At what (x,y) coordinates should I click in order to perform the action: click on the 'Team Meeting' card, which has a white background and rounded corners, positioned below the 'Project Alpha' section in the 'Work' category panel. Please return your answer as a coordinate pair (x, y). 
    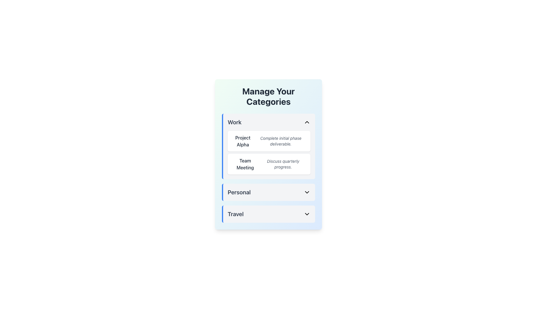
    Looking at the image, I should click on (269, 164).